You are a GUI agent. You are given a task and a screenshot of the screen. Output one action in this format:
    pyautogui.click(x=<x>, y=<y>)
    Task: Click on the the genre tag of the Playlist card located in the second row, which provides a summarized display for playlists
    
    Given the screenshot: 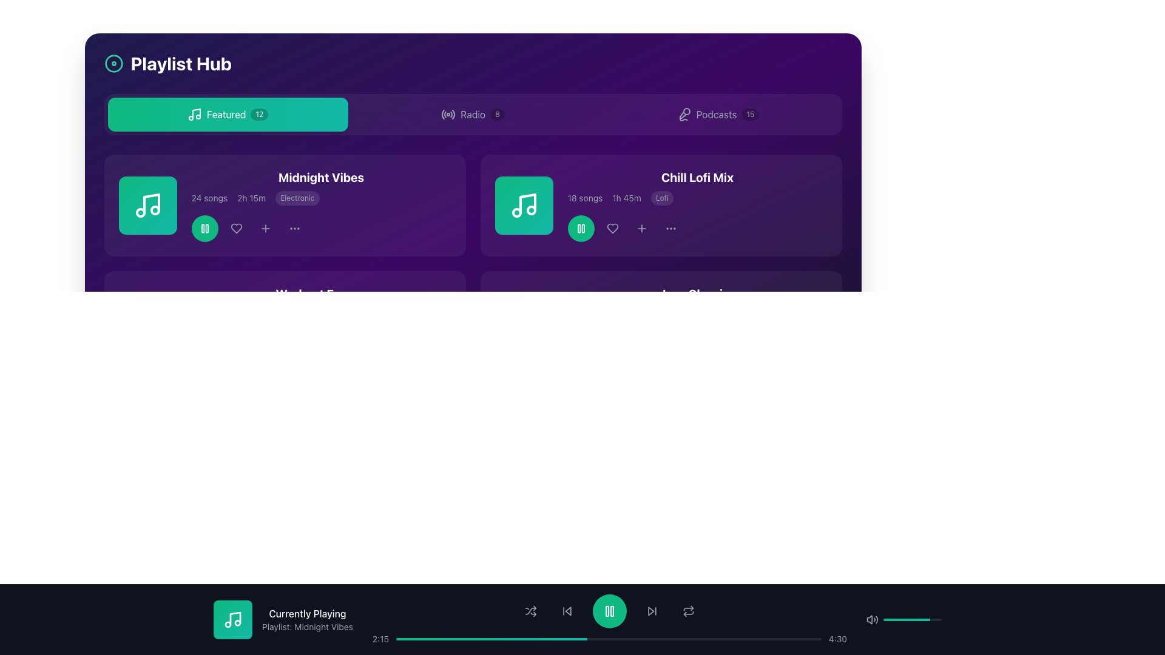 What is the action you would take?
    pyautogui.click(x=284, y=205)
    